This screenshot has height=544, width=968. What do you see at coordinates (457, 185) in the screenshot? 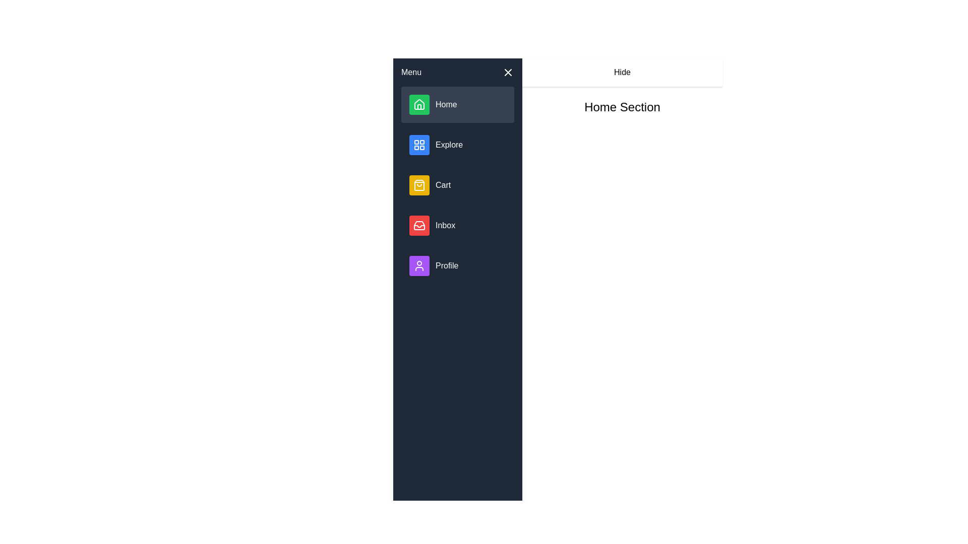
I see `the 'Cart' menu item, which is the third item in the vertical menu located on the left side of the UI, positioned between the 'Explore' and 'Inbox' items` at bounding box center [457, 185].